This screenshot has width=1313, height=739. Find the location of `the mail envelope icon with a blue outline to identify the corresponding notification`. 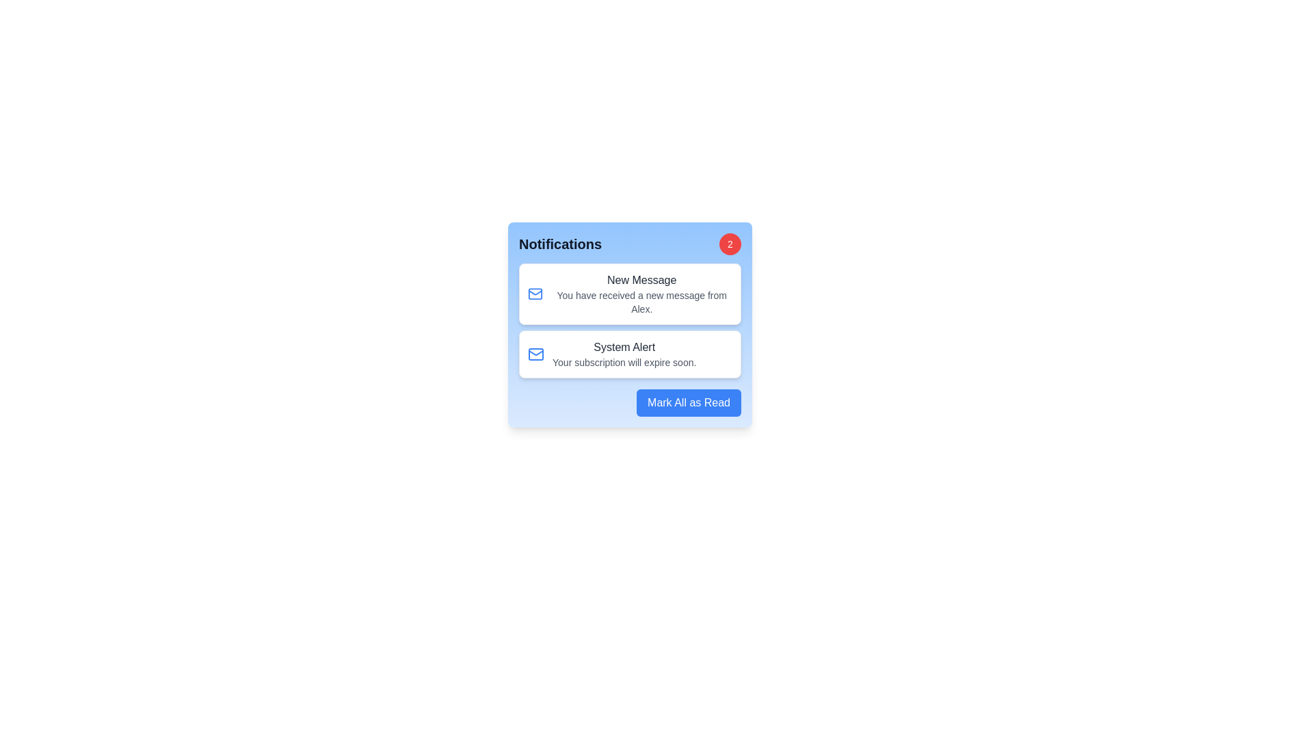

the mail envelope icon with a blue outline to identify the corresponding notification is located at coordinates (535, 293).